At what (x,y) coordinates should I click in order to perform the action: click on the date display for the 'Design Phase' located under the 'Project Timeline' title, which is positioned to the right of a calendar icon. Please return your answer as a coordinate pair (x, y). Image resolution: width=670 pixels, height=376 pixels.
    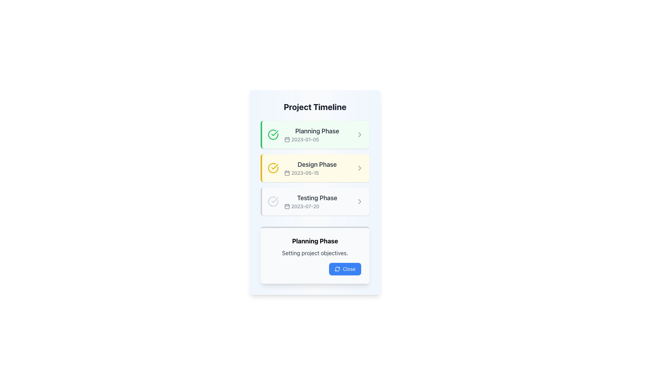
    Looking at the image, I should click on (317, 173).